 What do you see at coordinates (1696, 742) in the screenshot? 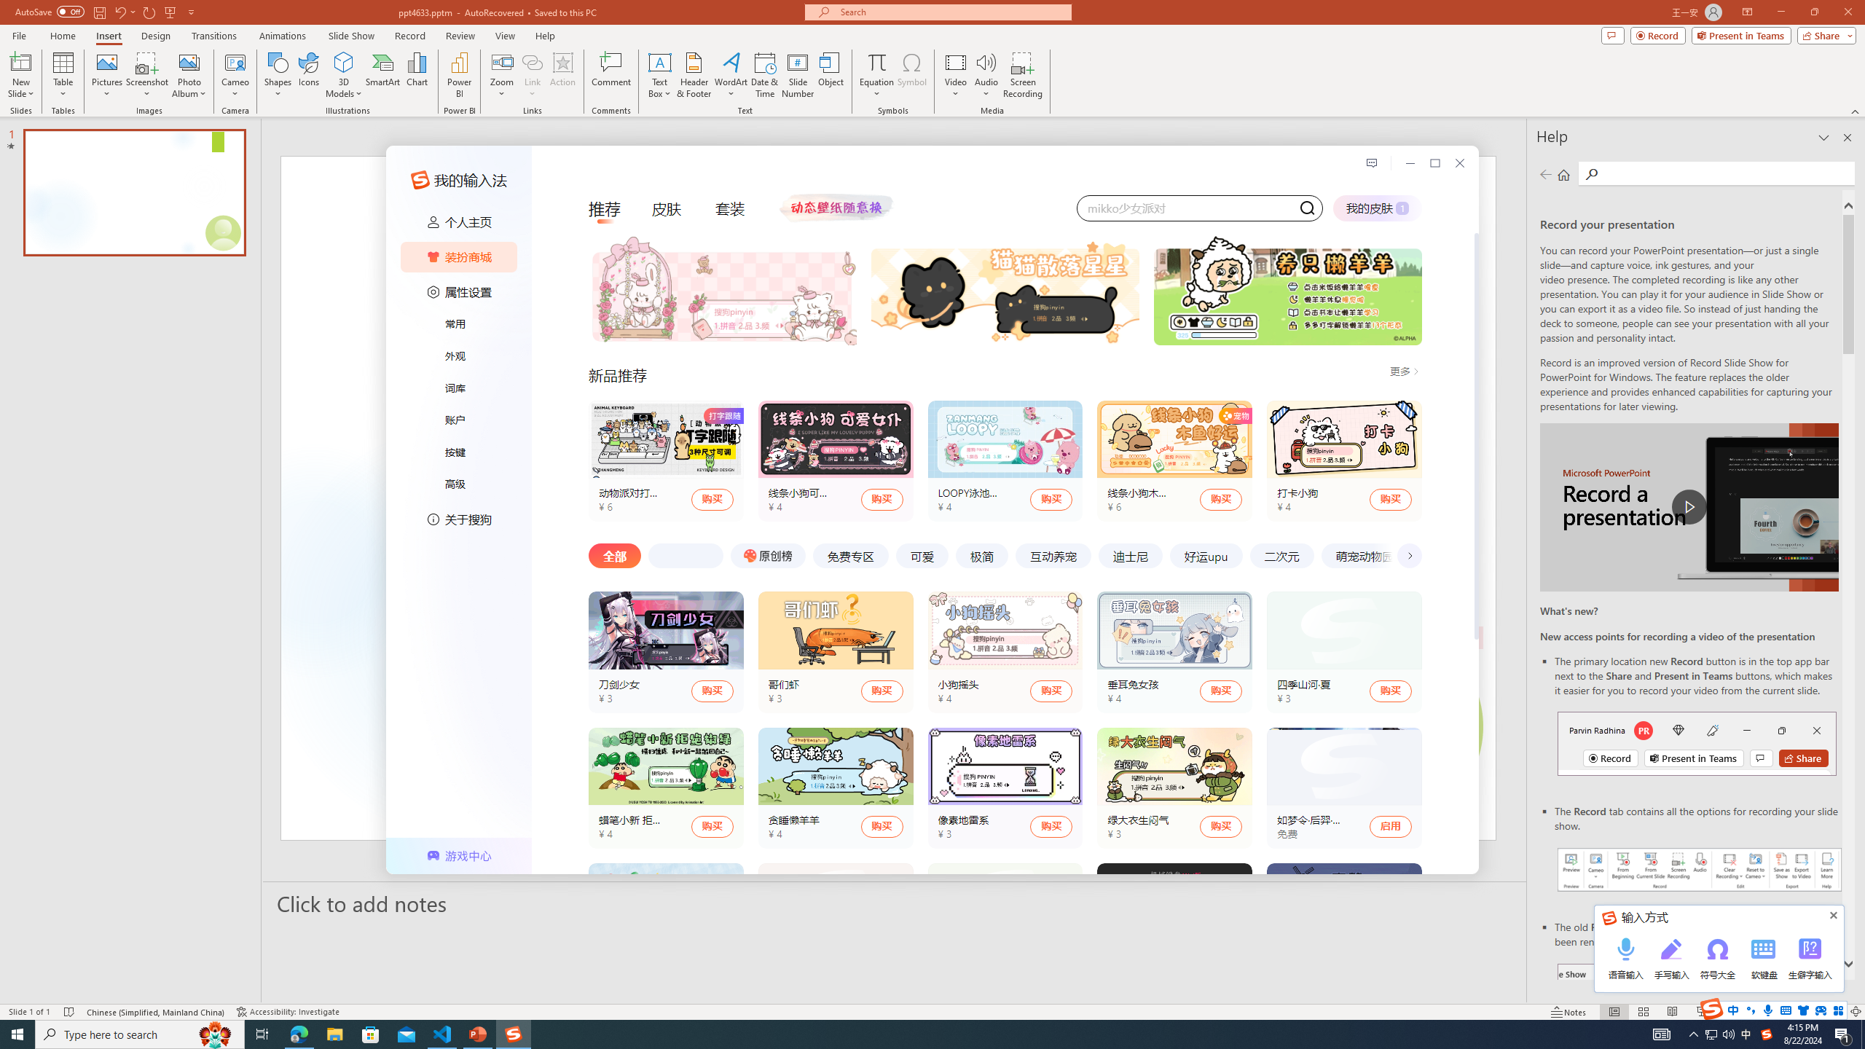
I see `'Record button in top bar'` at bounding box center [1696, 742].